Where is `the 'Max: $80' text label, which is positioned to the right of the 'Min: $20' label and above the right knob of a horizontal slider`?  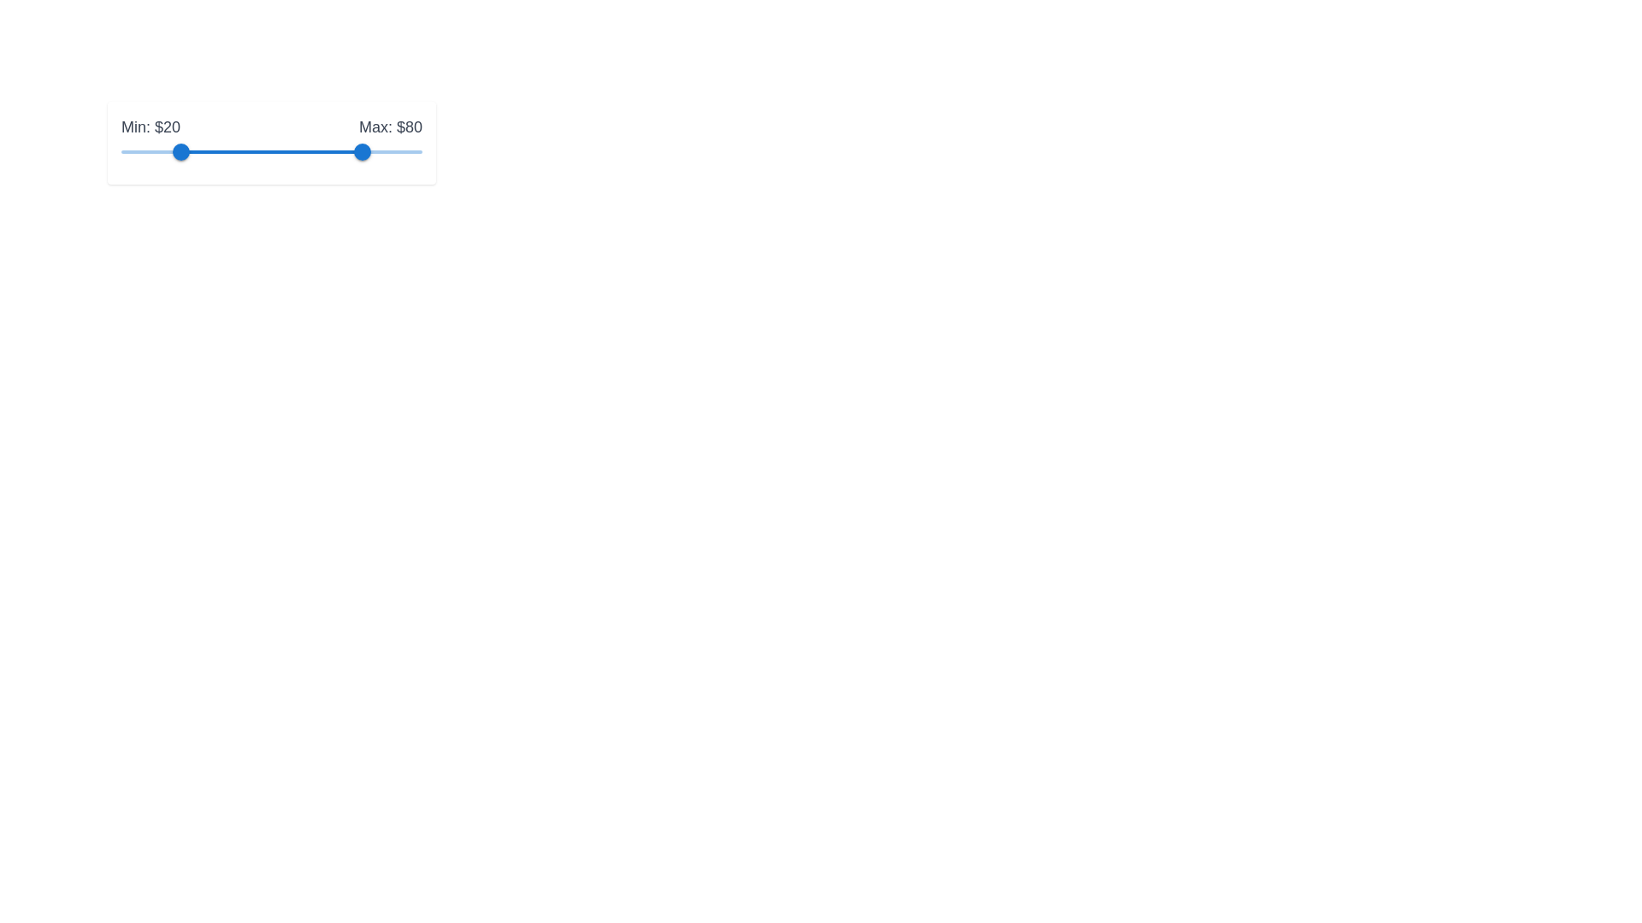
the 'Max: $80' text label, which is positioned to the right of the 'Min: $20' label and above the right knob of a horizontal slider is located at coordinates (389, 126).